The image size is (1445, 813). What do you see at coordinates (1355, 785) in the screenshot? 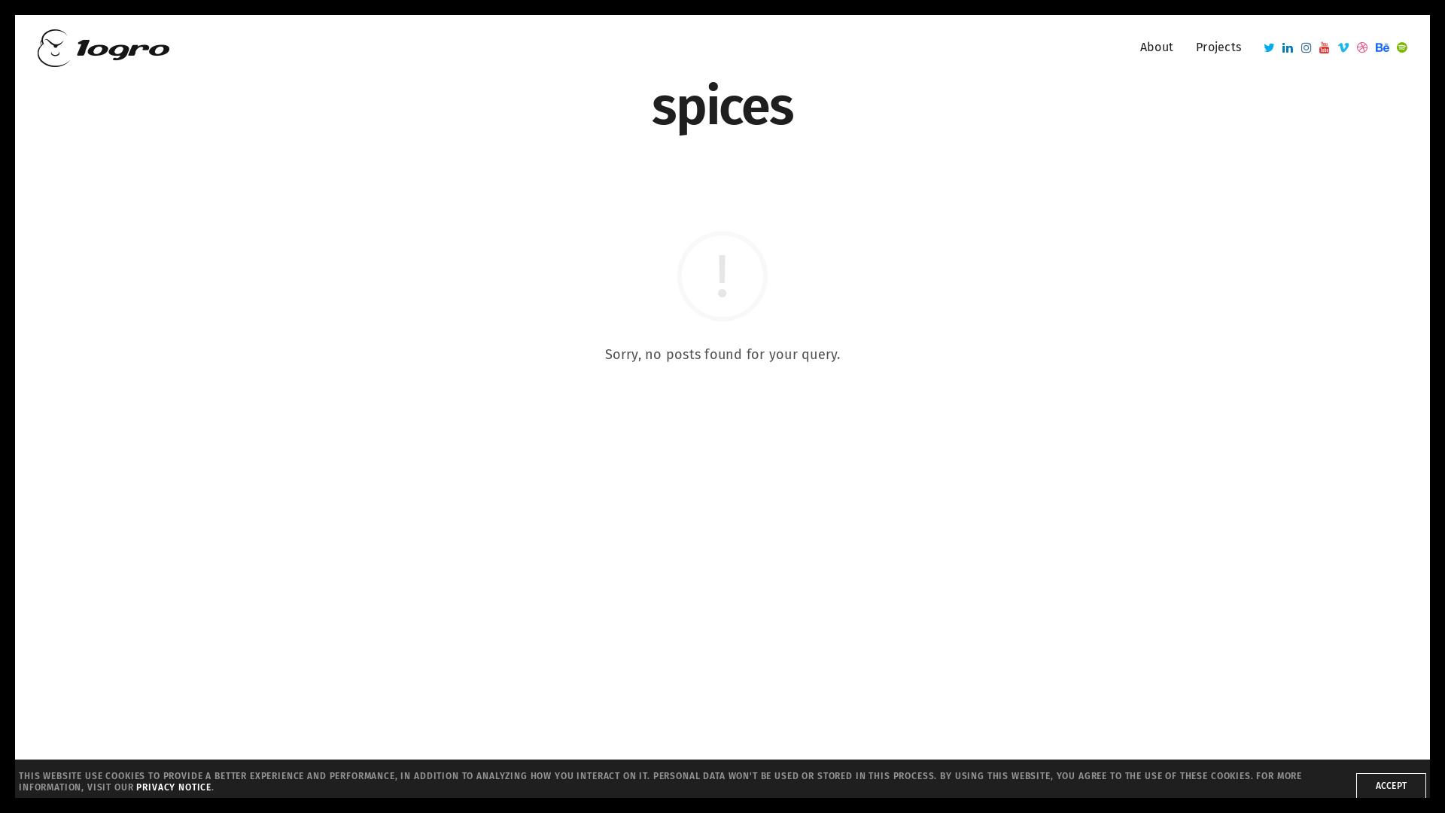
I see `'ACCEPT'` at bounding box center [1355, 785].